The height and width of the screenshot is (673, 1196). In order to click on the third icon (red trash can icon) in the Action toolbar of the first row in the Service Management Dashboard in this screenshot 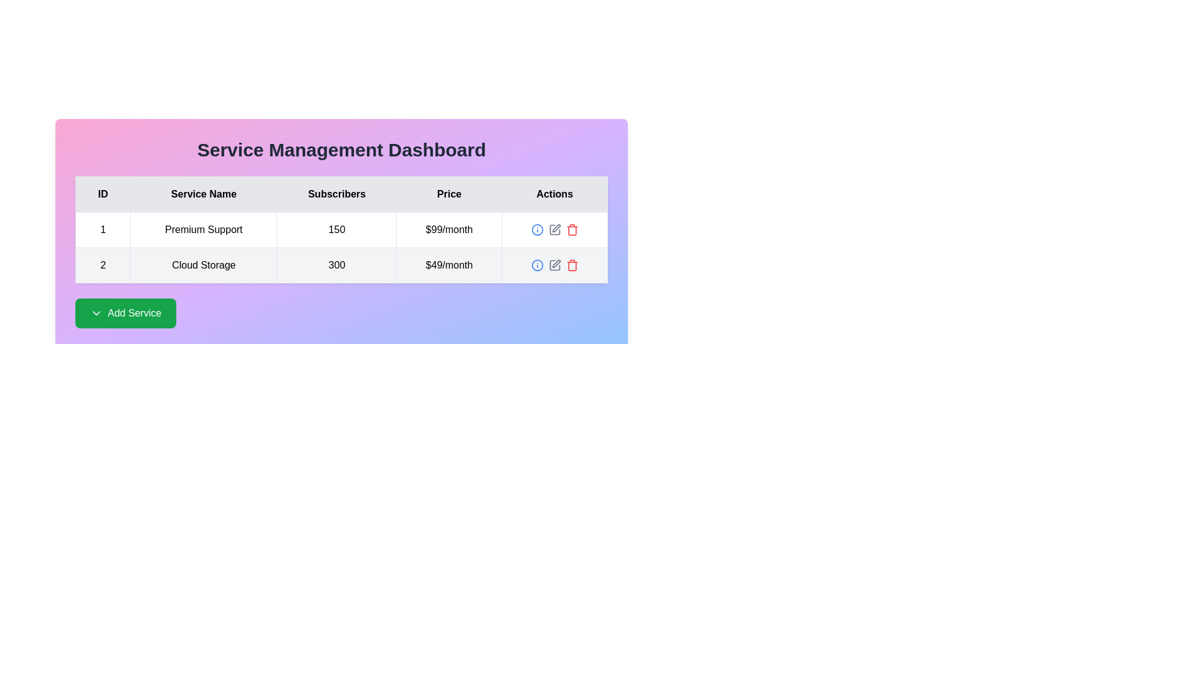, I will do `click(554, 230)`.